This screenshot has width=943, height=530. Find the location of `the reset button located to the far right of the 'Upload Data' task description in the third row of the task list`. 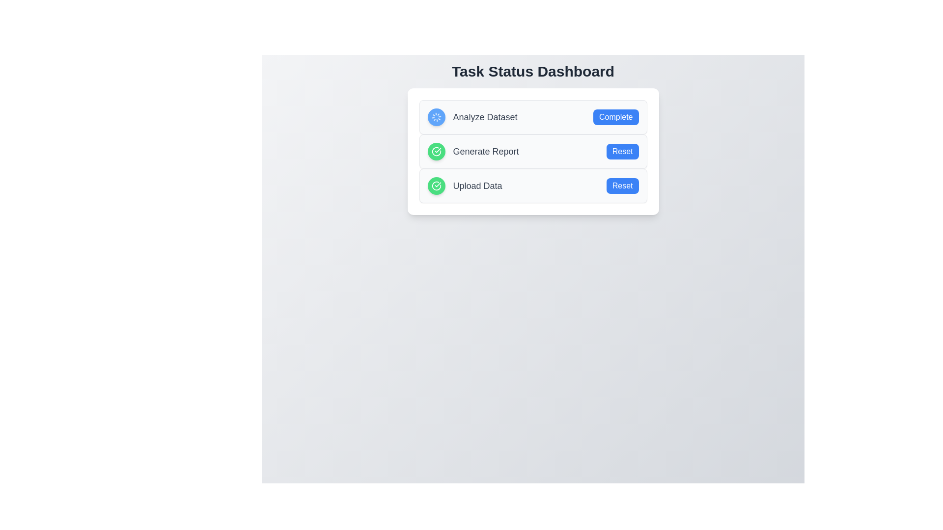

the reset button located to the far right of the 'Upload Data' task description in the third row of the task list is located at coordinates (622, 185).